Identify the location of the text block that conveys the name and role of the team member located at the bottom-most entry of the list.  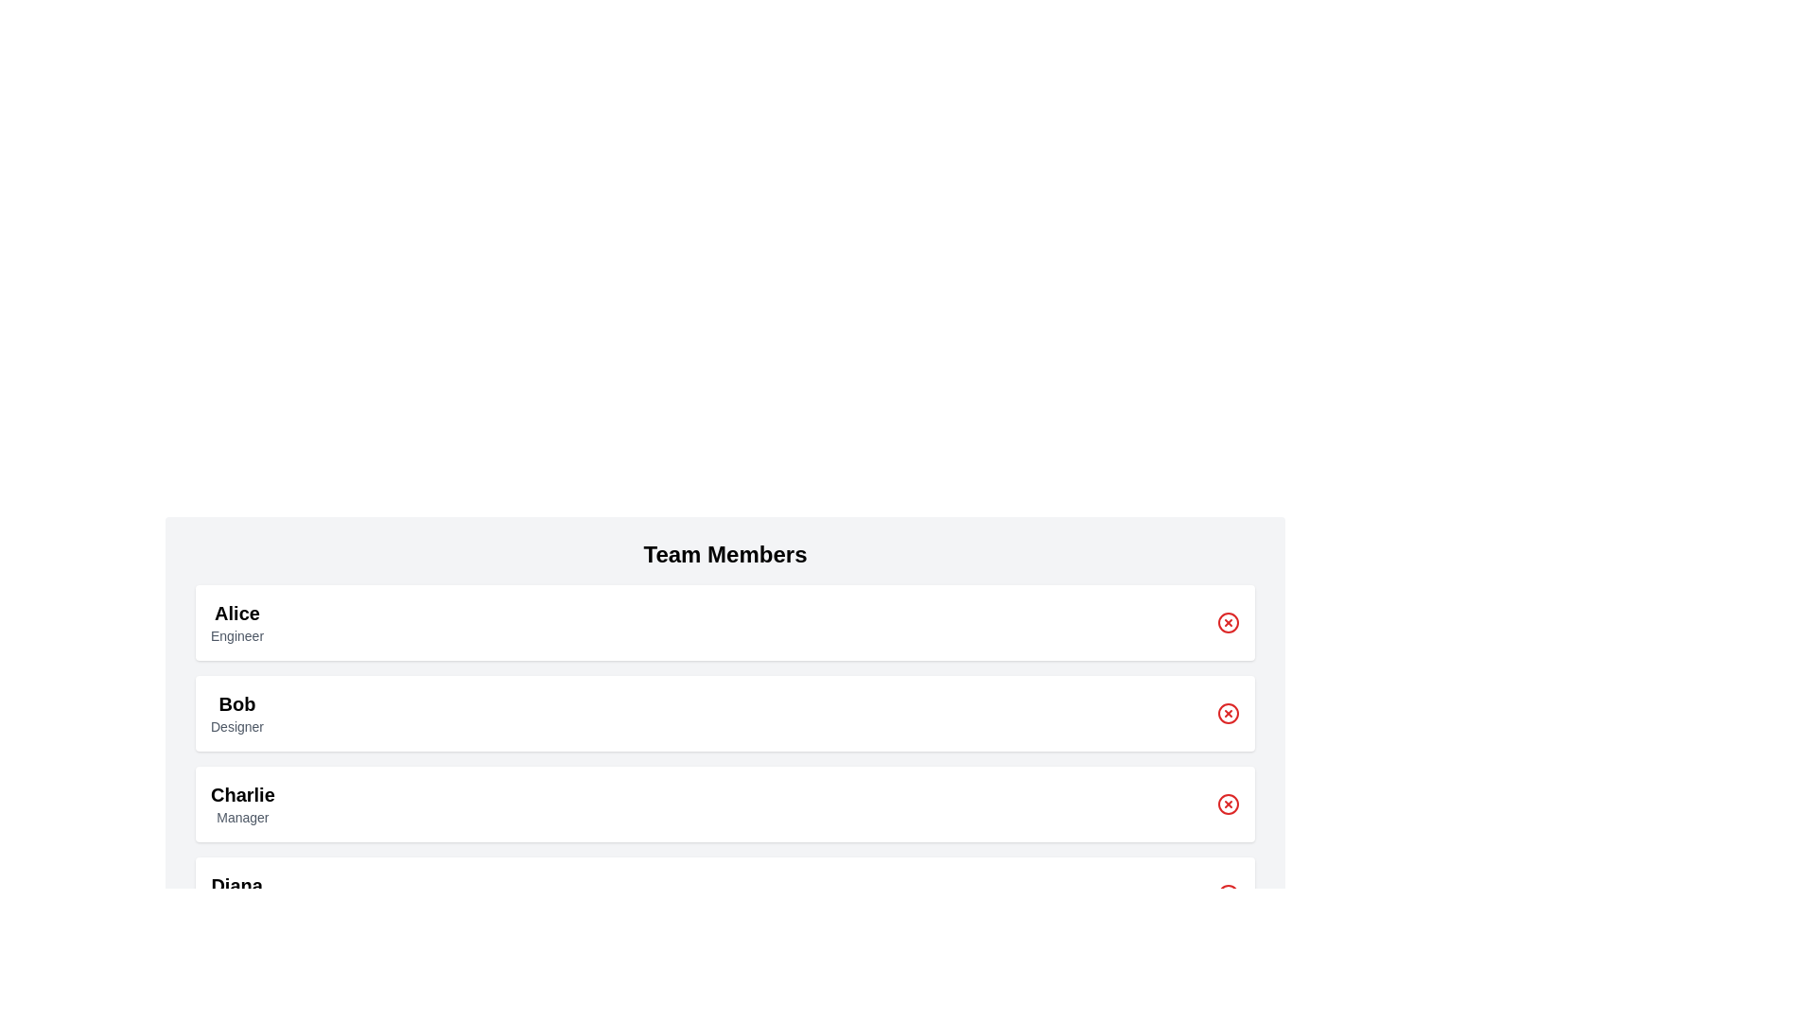
(236, 894).